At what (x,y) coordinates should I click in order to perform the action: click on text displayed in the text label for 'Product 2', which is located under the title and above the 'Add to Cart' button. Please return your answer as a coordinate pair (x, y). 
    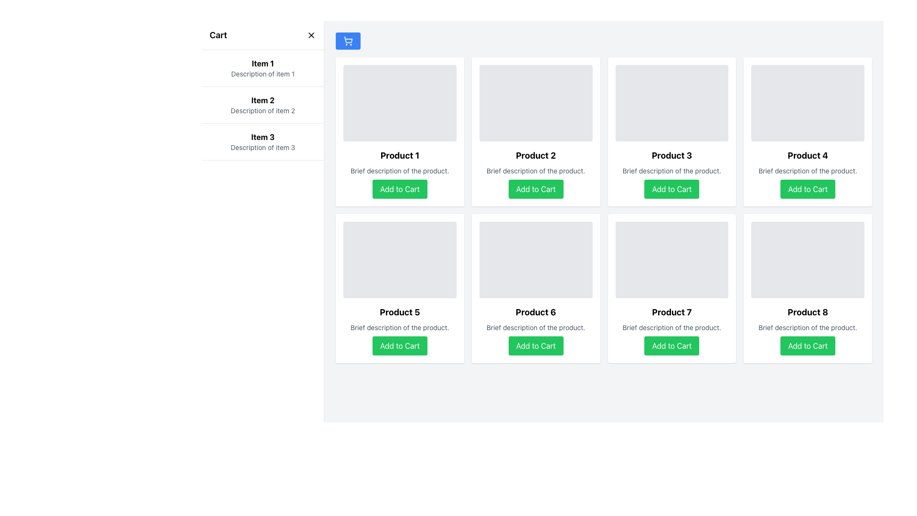
    Looking at the image, I should click on (536, 171).